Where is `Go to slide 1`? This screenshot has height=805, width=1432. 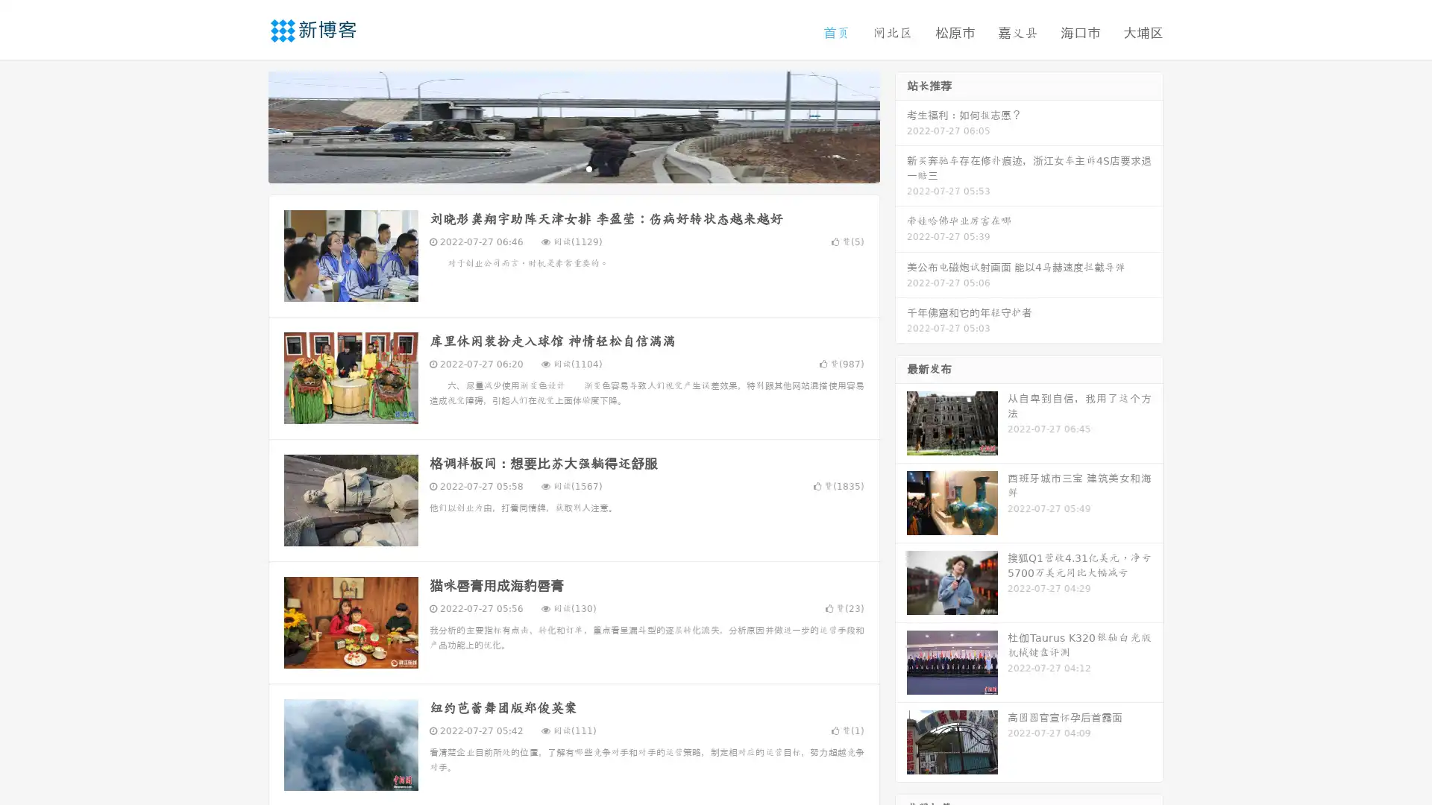
Go to slide 1 is located at coordinates (558, 168).